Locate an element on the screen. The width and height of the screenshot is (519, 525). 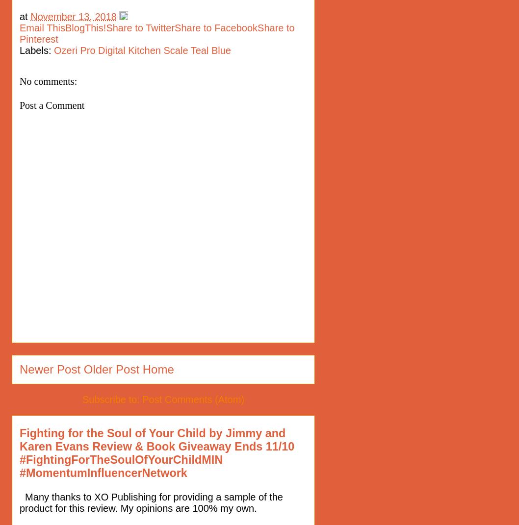
'Newer Post' is located at coordinates (49, 369).